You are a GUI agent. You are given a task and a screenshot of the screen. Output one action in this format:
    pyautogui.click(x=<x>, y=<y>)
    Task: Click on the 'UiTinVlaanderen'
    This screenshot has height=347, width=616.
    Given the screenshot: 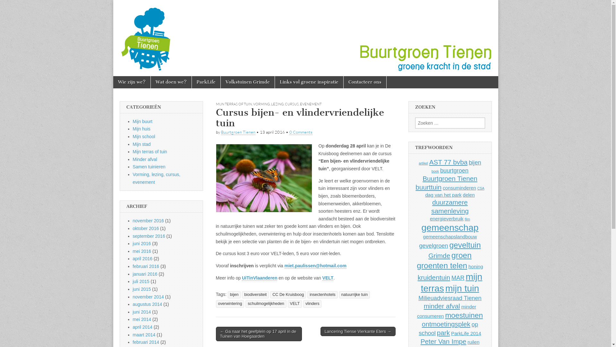 What is the action you would take?
    pyautogui.click(x=260, y=278)
    